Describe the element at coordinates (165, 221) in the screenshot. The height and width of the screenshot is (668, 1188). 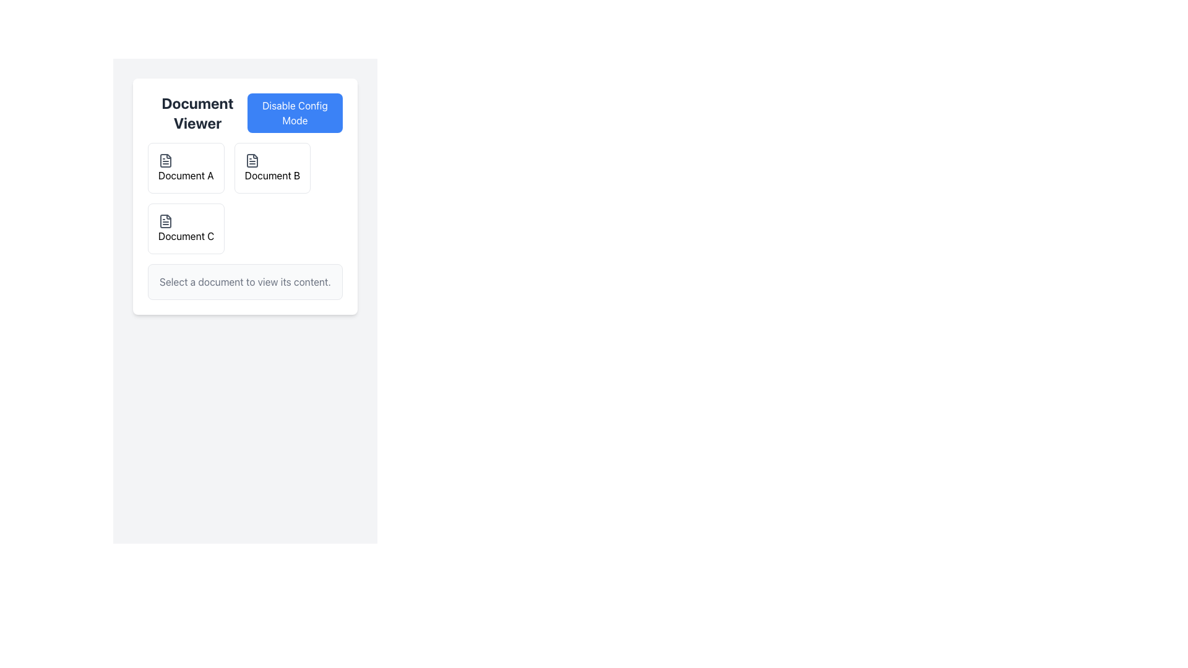
I see `the document icon located to the left of the text label 'Document C' under the 'Document Viewer' header` at that location.